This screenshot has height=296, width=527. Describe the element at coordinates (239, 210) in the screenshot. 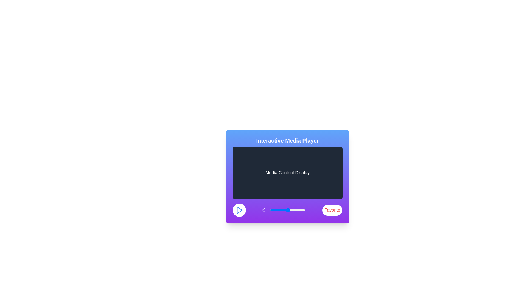

I see `the play button located in the bottom-left corner of the interactive media player interface to change its background color` at that location.